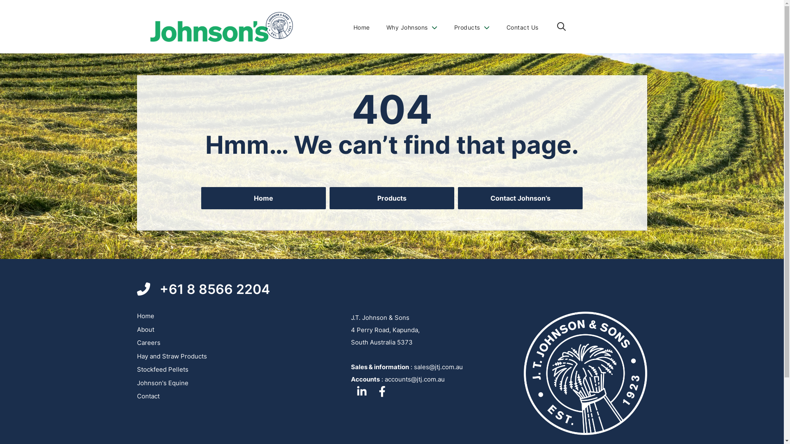 This screenshot has width=790, height=444. I want to click on 'sales@jtj.com.au', so click(438, 366).